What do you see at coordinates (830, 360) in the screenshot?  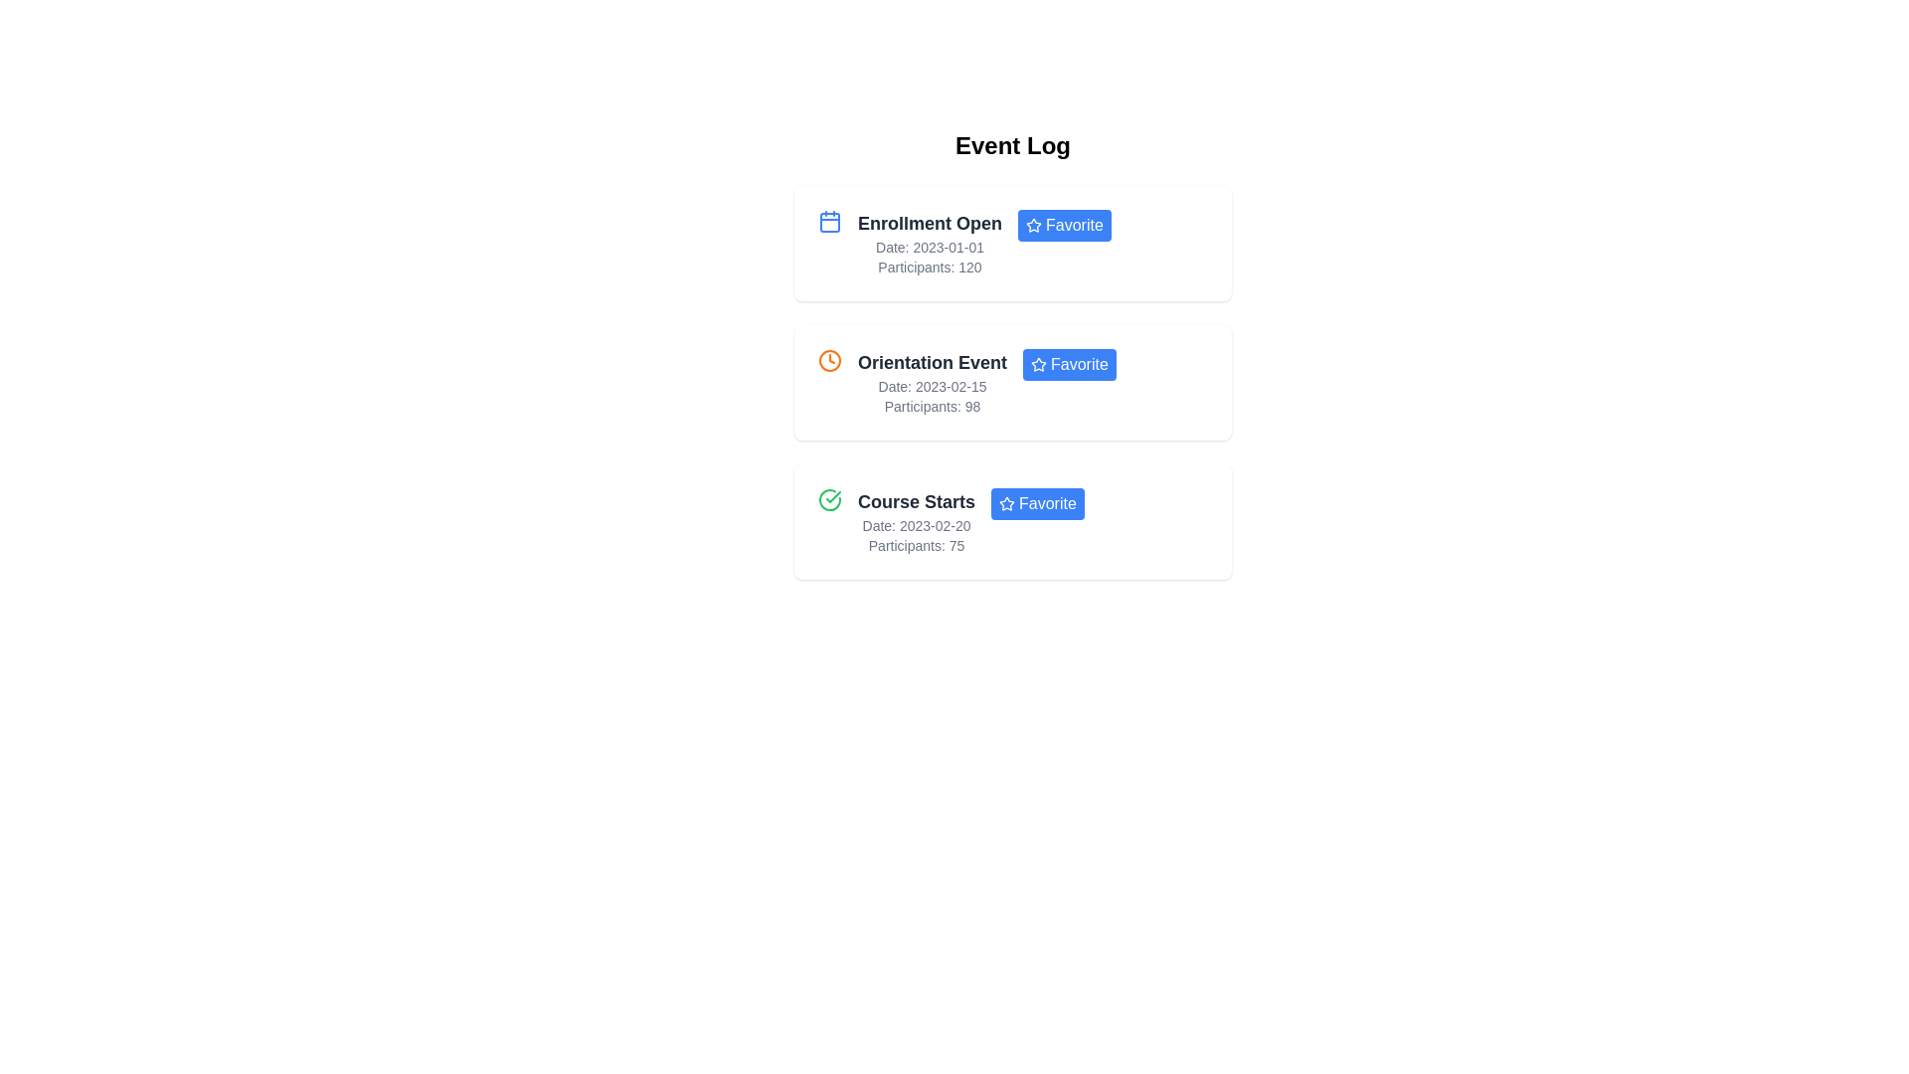 I see `the time/date icon located on the left side of the 'Orientation Event' card in the Event Log, positioned near the top-left corner of the card` at bounding box center [830, 360].